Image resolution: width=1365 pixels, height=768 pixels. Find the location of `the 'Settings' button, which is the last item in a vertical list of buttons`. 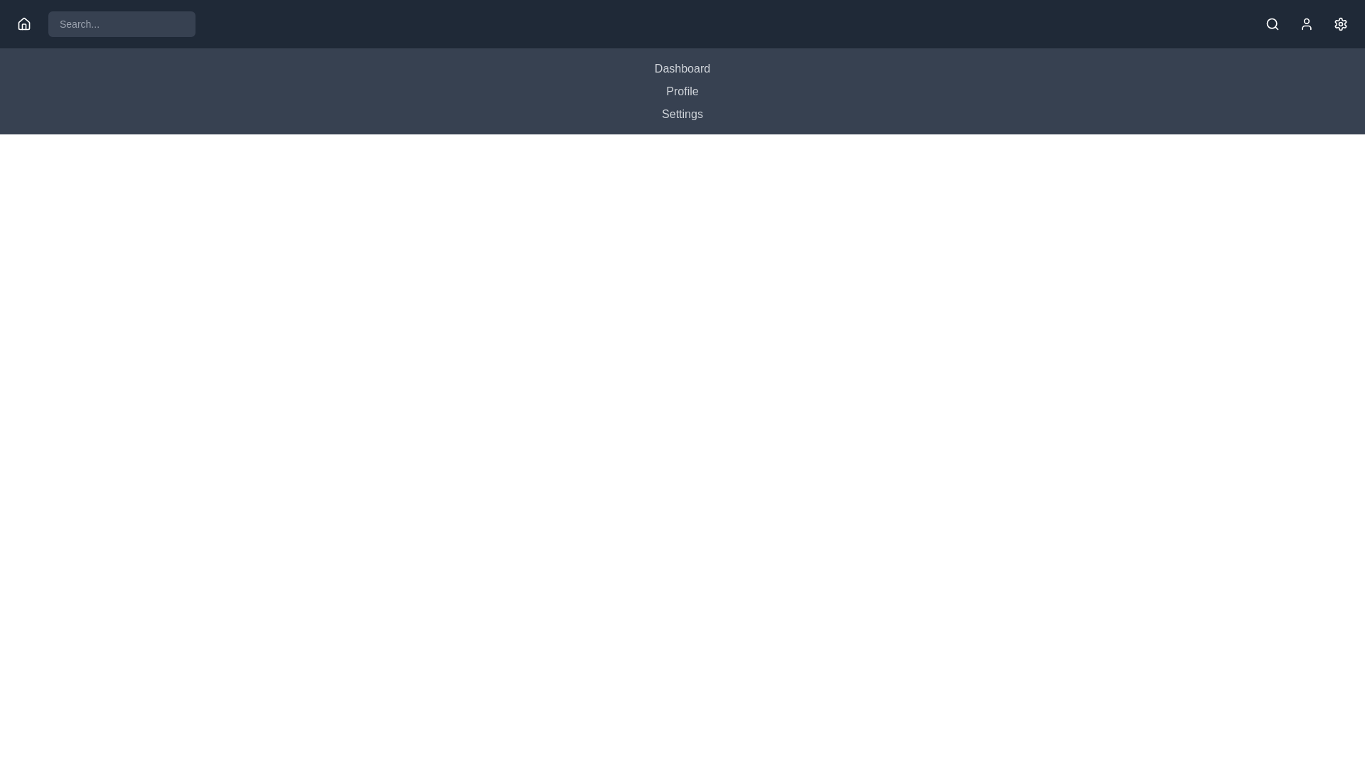

the 'Settings' button, which is the last item in a vertical list of buttons is located at coordinates (682, 114).